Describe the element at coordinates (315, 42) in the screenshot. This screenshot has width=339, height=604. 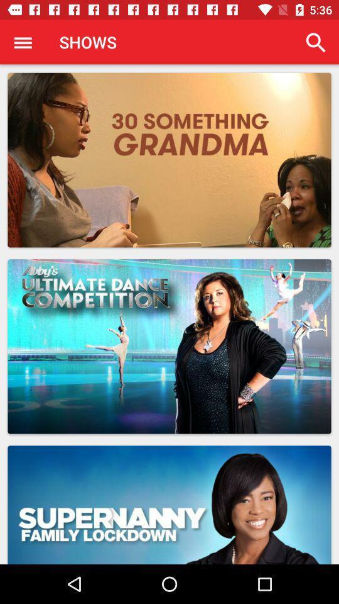
I see `icon next to the shows item` at that location.